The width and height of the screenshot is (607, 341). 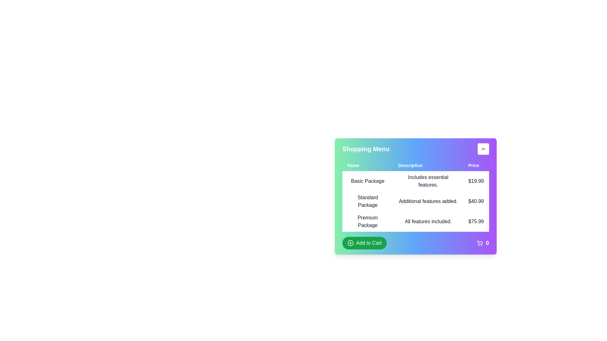 What do you see at coordinates (415, 181) in the screenshot?
I see `the Information Row displaying 'Basic Package'` at bounding box center [415, 181].